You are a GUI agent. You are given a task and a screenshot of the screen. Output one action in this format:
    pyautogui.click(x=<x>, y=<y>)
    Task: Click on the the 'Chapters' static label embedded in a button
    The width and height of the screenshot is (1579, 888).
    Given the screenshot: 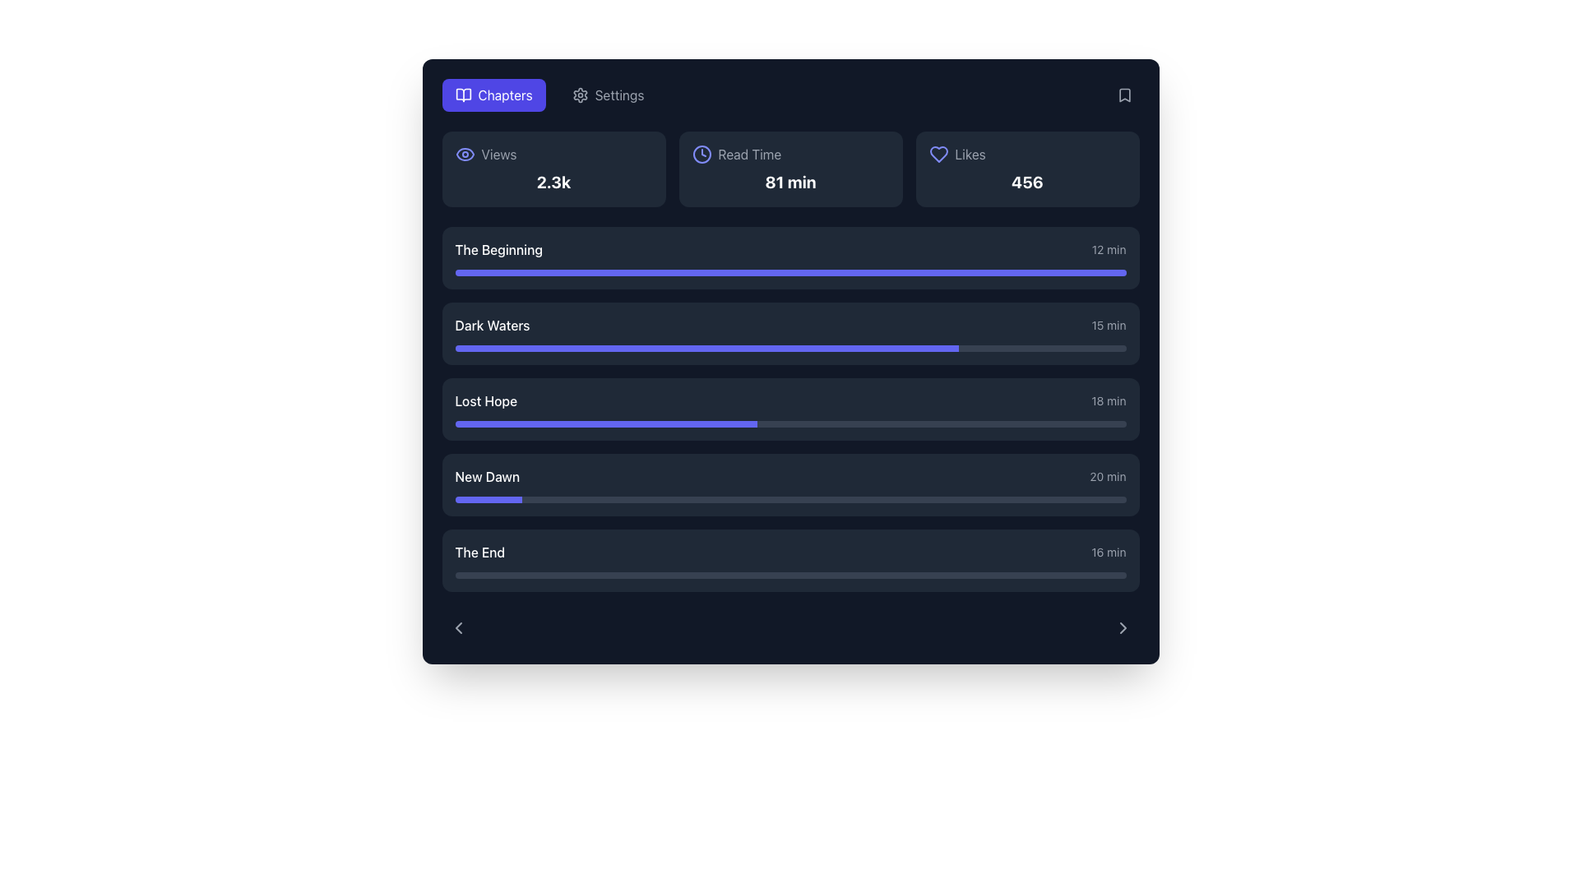 What is the action you would take?
    pyautogui.click(x=504, y=95)
    